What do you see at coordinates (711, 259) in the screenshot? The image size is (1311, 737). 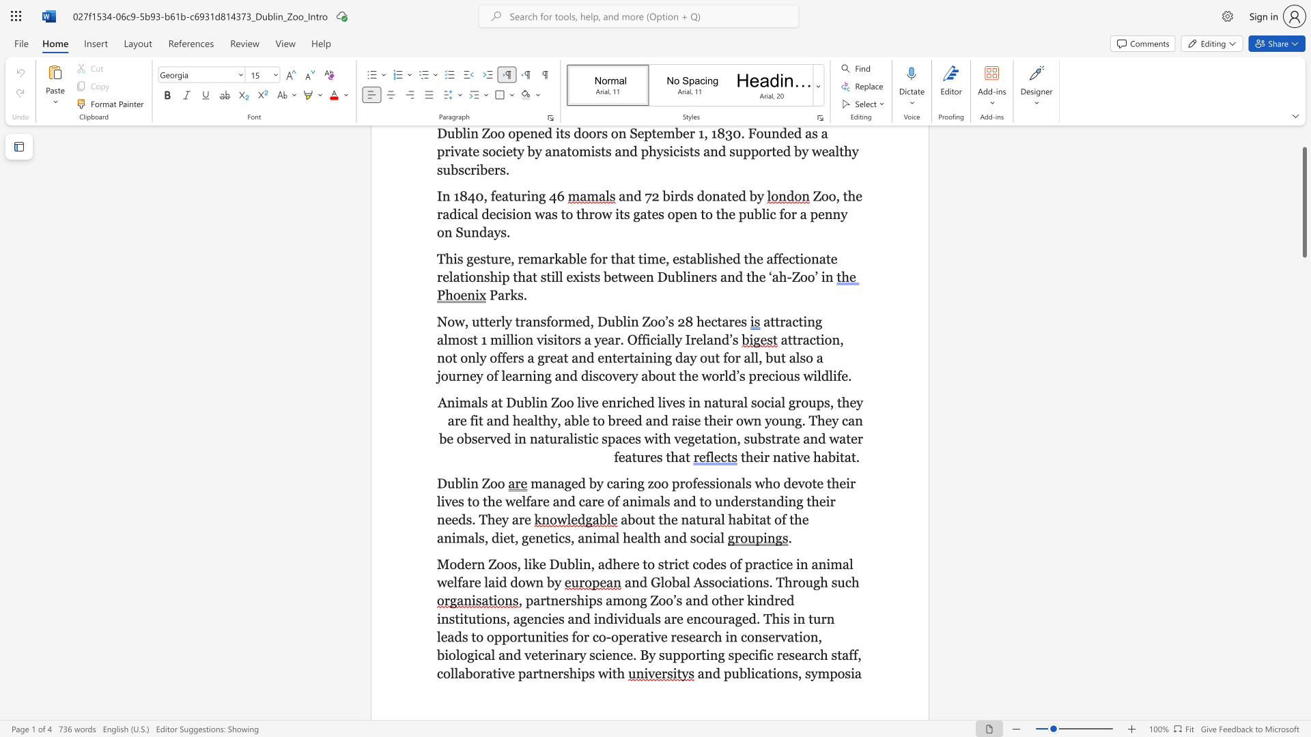 I see `the subset text "she" within the text "established"` at bounding box center [711, 259].